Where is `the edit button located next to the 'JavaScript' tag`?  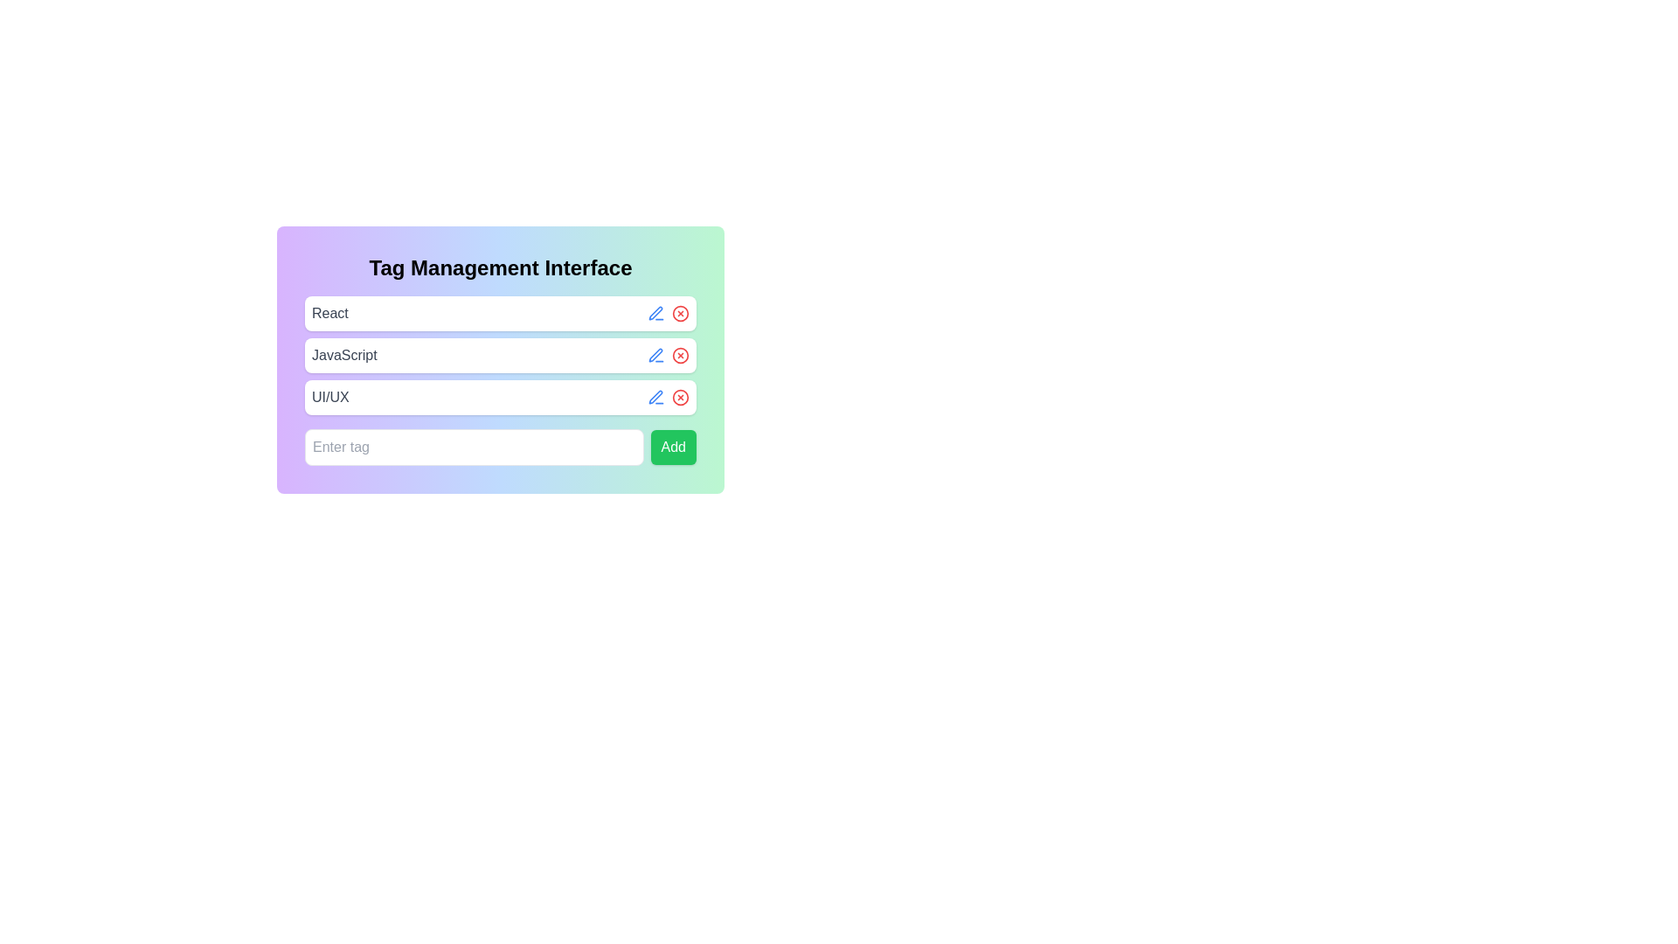
the edit button located next to the 'JavaScript' tag is located at coordinates (655, 355).